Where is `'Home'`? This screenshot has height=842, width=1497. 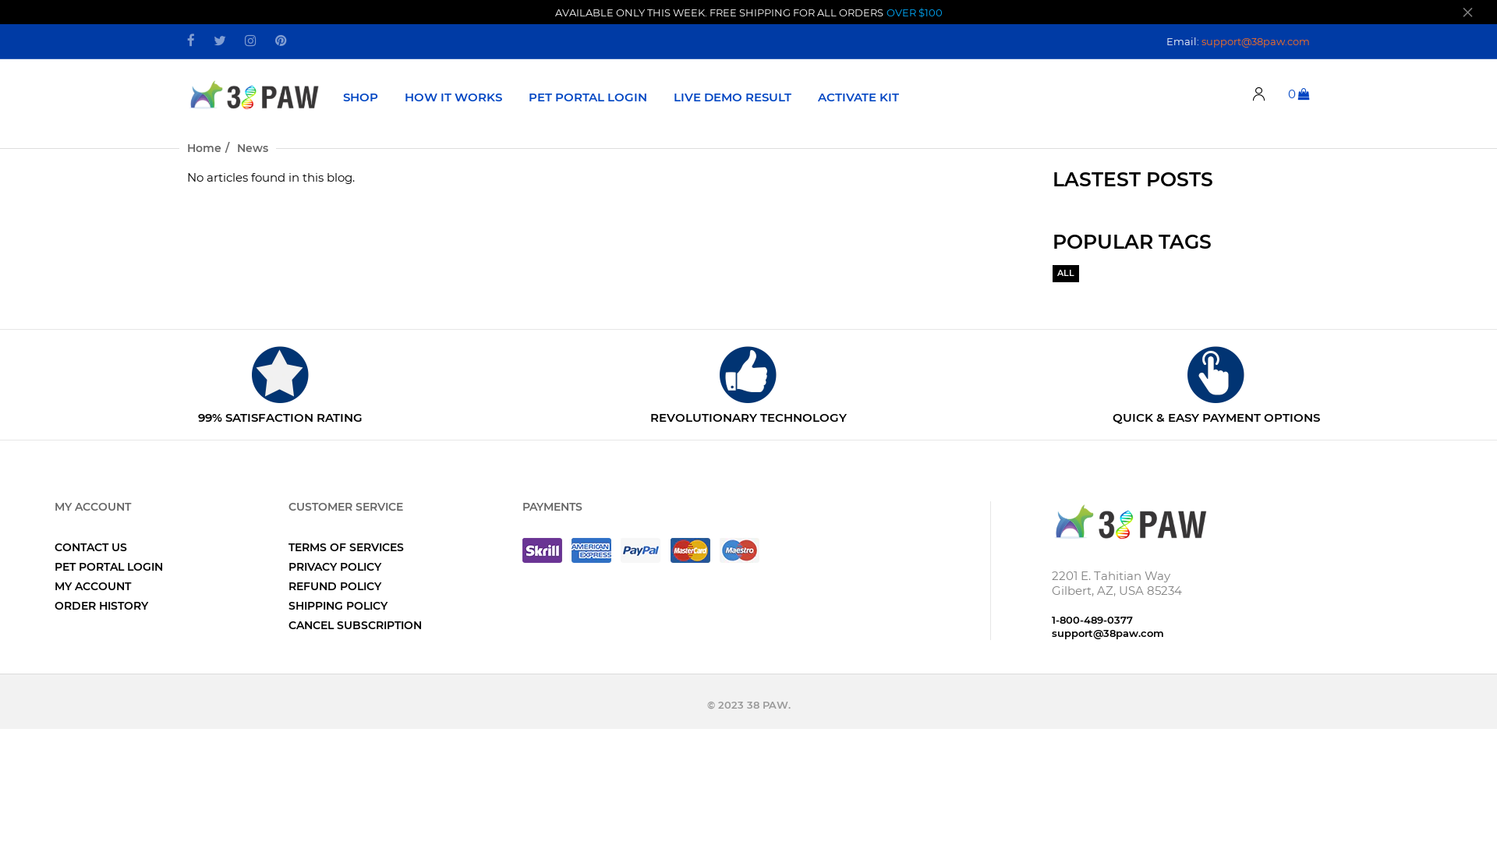
'Home' is located at coordinates (203, 147).